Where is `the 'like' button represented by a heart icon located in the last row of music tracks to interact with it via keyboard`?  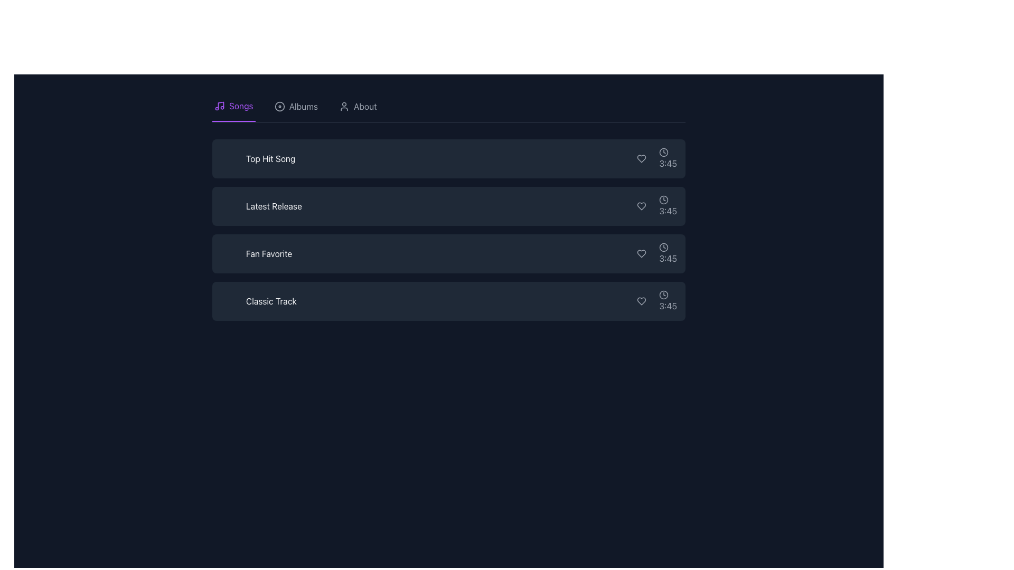 the 'like' button represented by a heart icon located in the last row of music tracks to interact with it via keyboard is located at coordinates (641, 301).